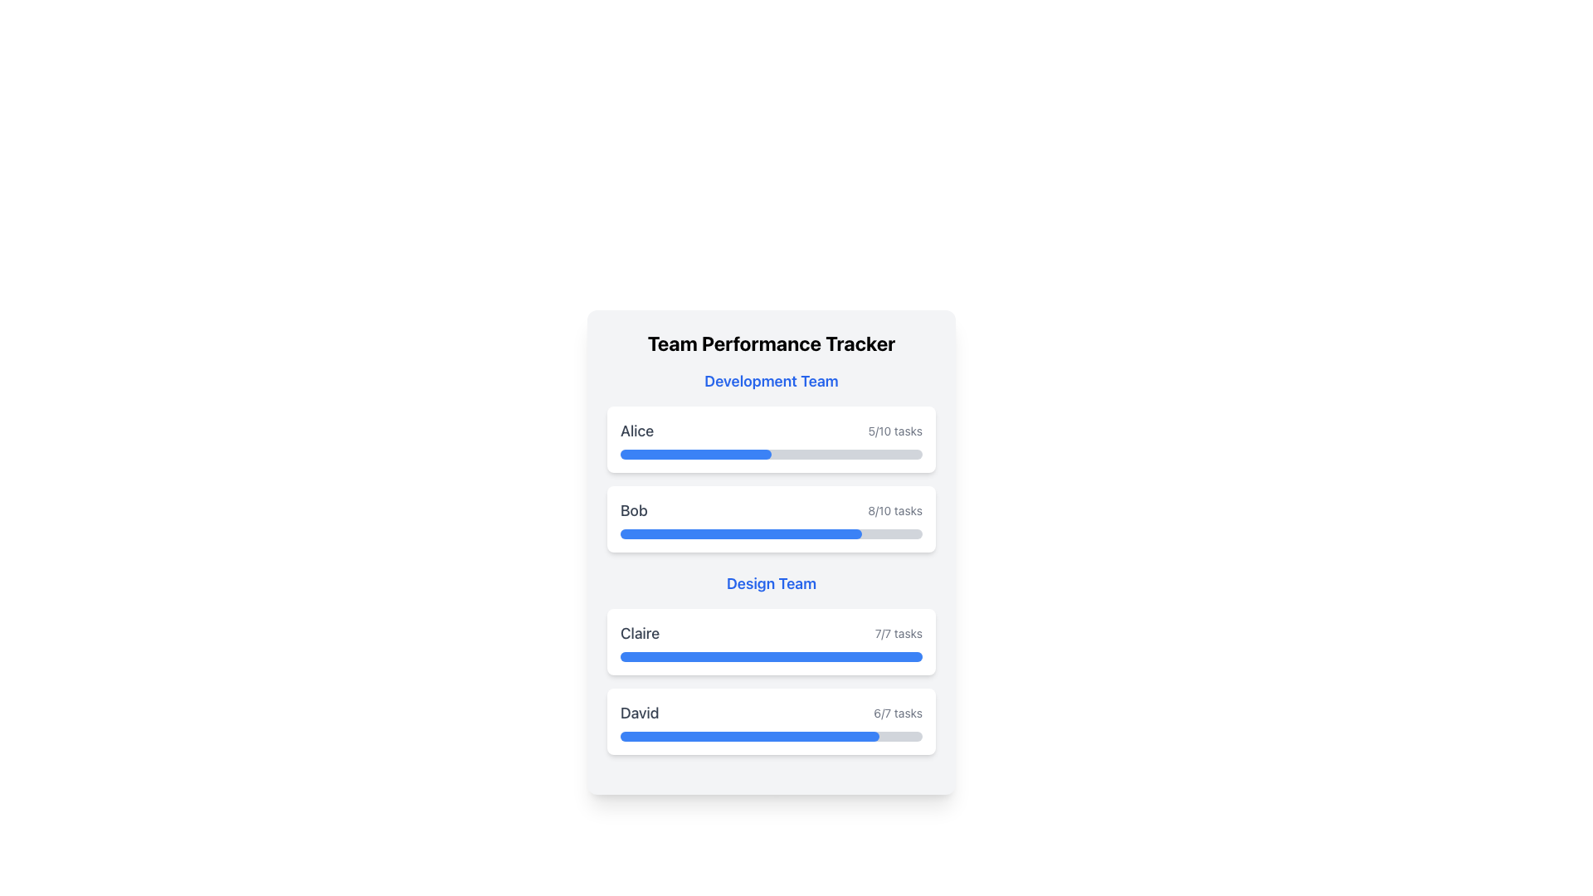 Image resolution: width=1593 pixels, height=896 pixels. What do you see at coordinates (771, 583) in the screenshot?
I see `the text label that serves as a header for the 'Design Team' section, located centrally below the 'Development Team' data` at bounding box center [771, 583].